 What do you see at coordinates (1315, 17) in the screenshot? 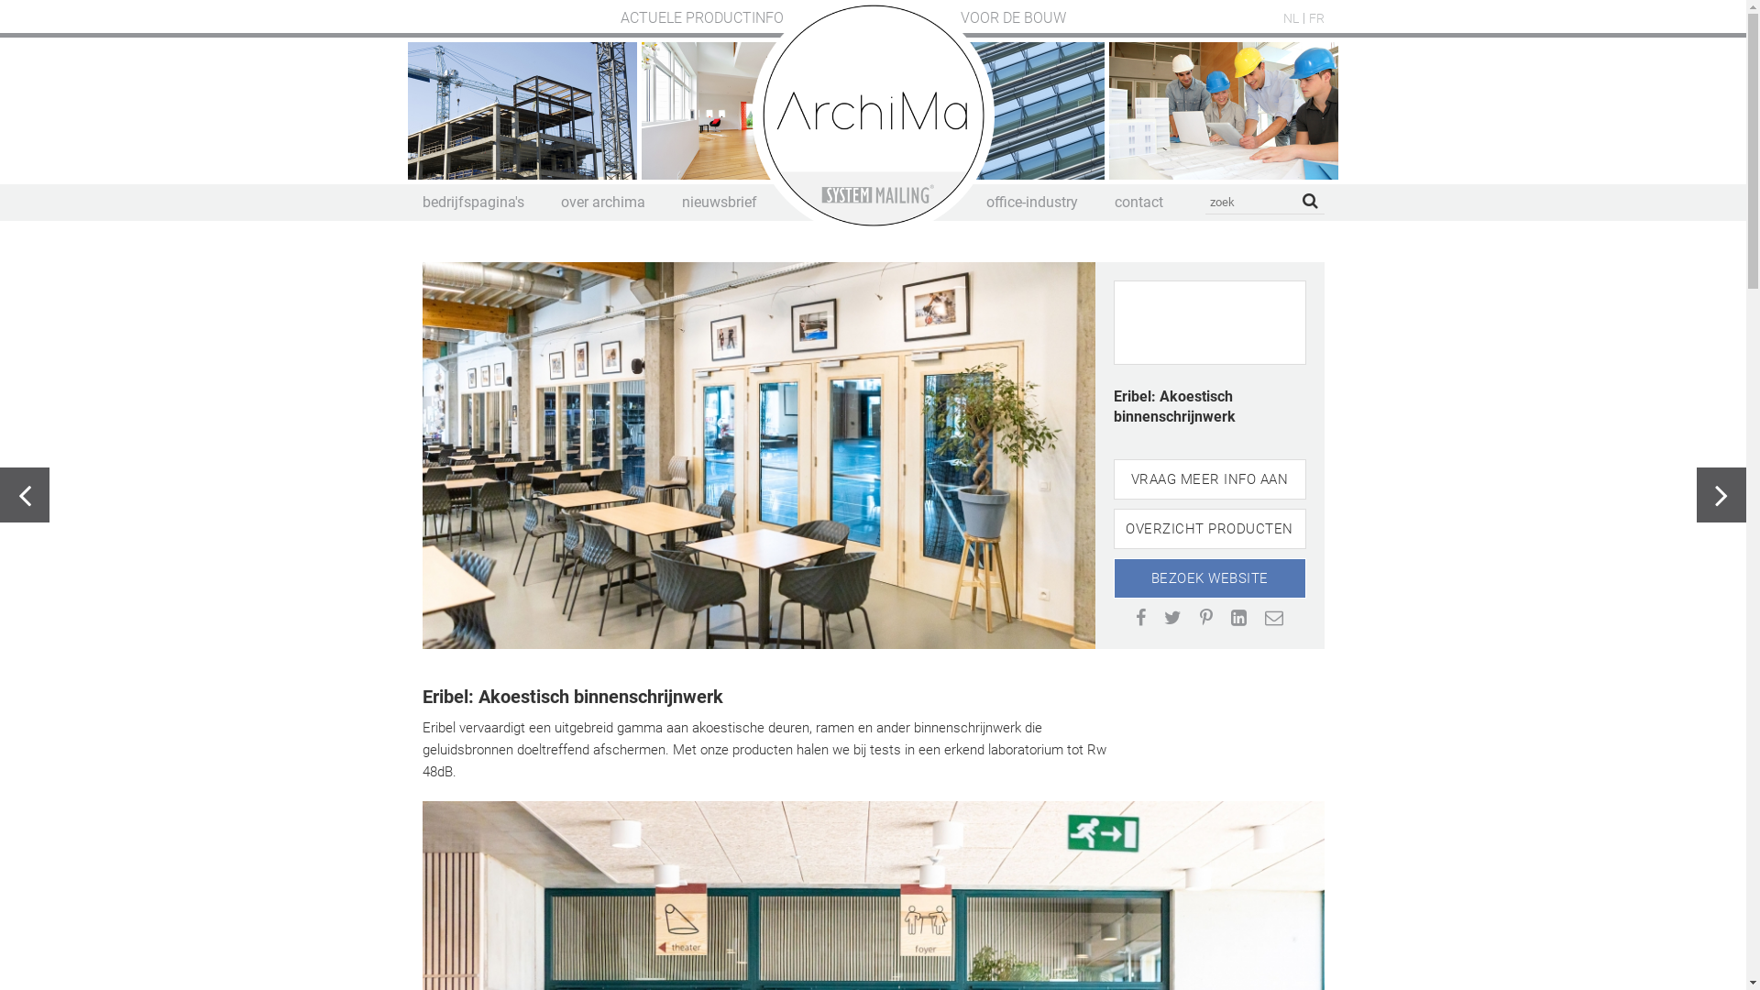
I see `'FR'` at bounding box center [1315, 17].